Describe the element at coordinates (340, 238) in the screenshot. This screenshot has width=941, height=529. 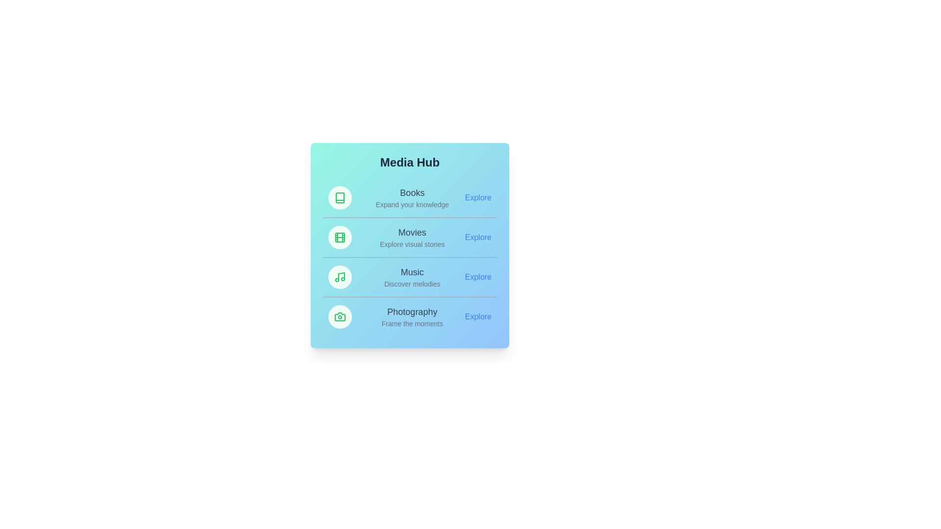
I see `the icon of the Movies category` at that location.